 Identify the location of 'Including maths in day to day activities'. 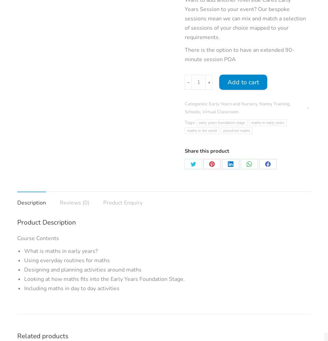
(24, 288).